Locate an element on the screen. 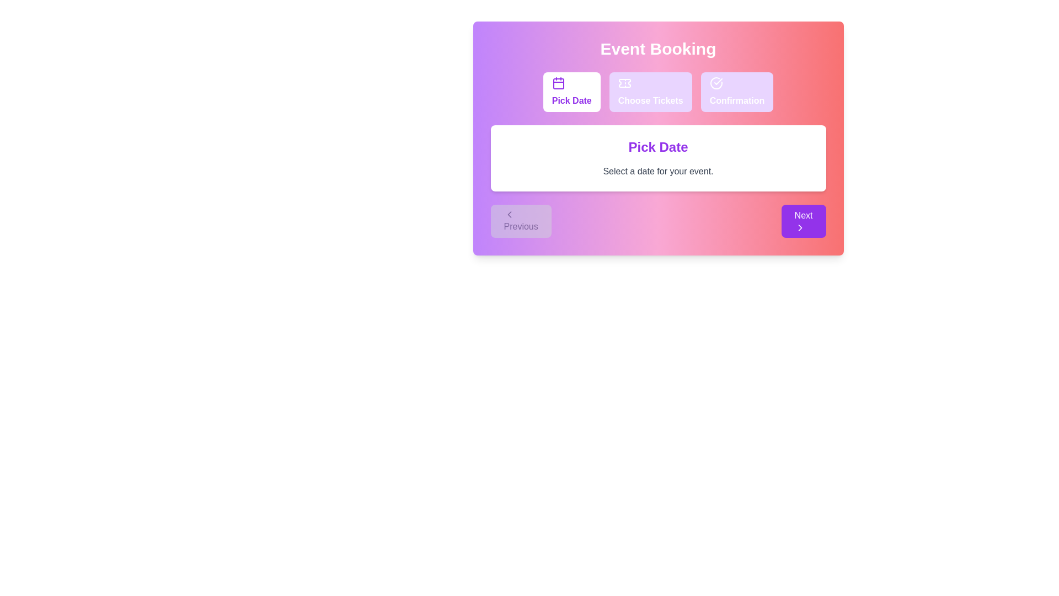 This screenshot has height=596, width=1059. the first button in the upper section of the card-like interface to initiate the date selection process is located at coordinates (571, 91).